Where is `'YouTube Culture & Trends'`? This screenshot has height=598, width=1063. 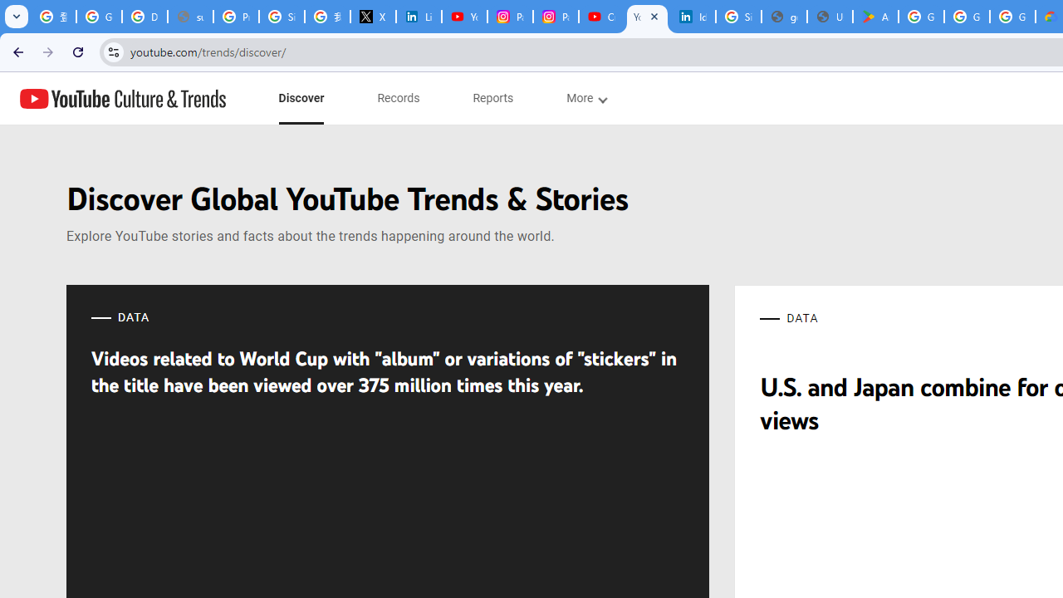 'YouTube Culture & Trends' is located at coordinates (121, 98).